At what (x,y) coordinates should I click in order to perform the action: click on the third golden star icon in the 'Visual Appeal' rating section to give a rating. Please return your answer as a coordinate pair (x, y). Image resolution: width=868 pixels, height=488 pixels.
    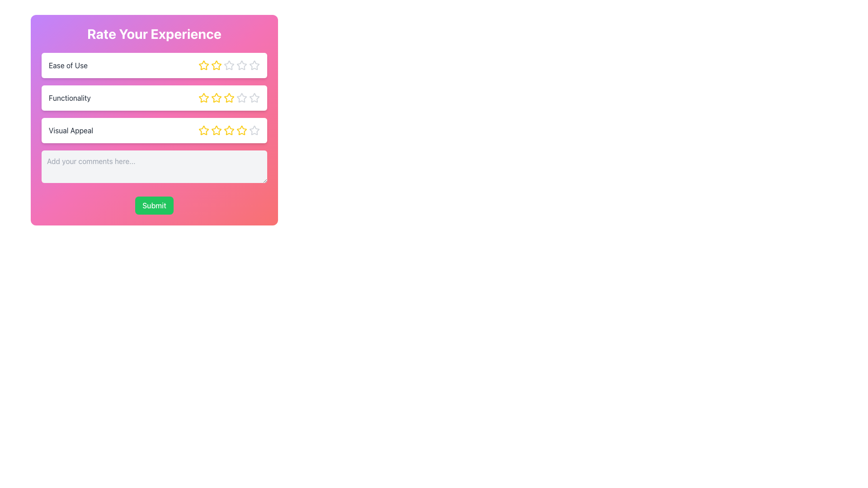
    Looking at the image, I should click on (229, 131).